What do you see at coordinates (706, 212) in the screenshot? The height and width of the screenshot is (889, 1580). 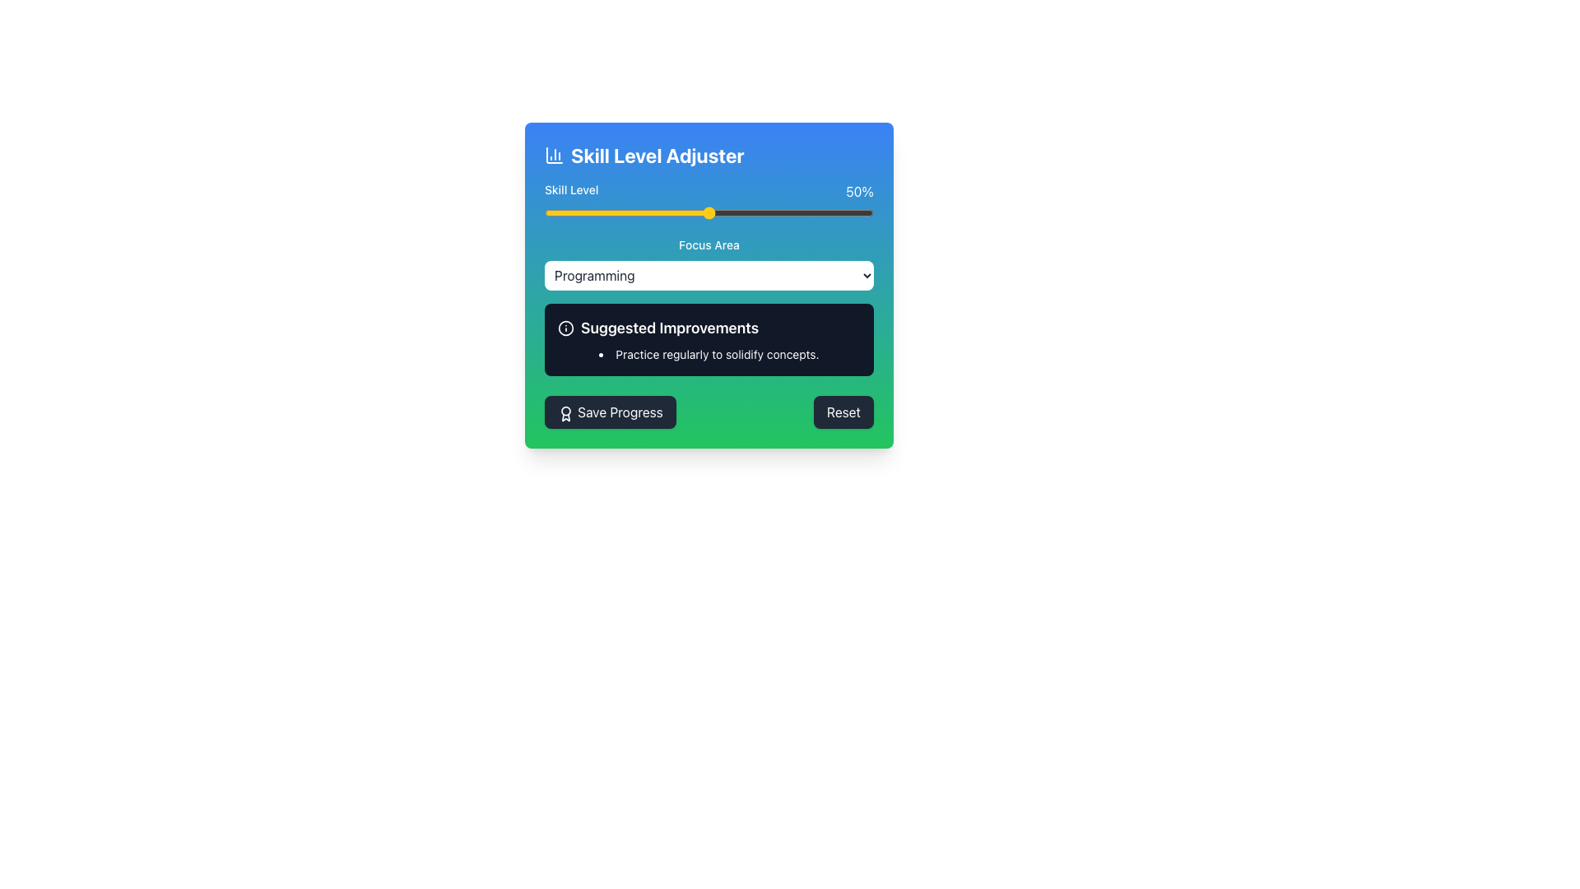 I see `the skill level` at bounding box center [706, 212].